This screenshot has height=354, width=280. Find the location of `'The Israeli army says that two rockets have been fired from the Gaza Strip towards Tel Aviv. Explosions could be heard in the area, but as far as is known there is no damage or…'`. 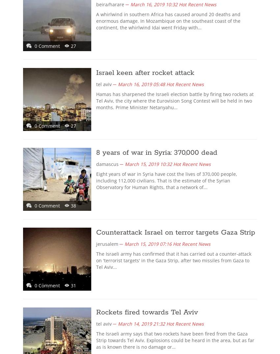

'The Israeli army says that two rockets have been fired from the Gaza Strip towards Tel Aviv. Explosions could be heard in the area, but as far as is known there is no damage or…' is located at coordinates (175, 340).